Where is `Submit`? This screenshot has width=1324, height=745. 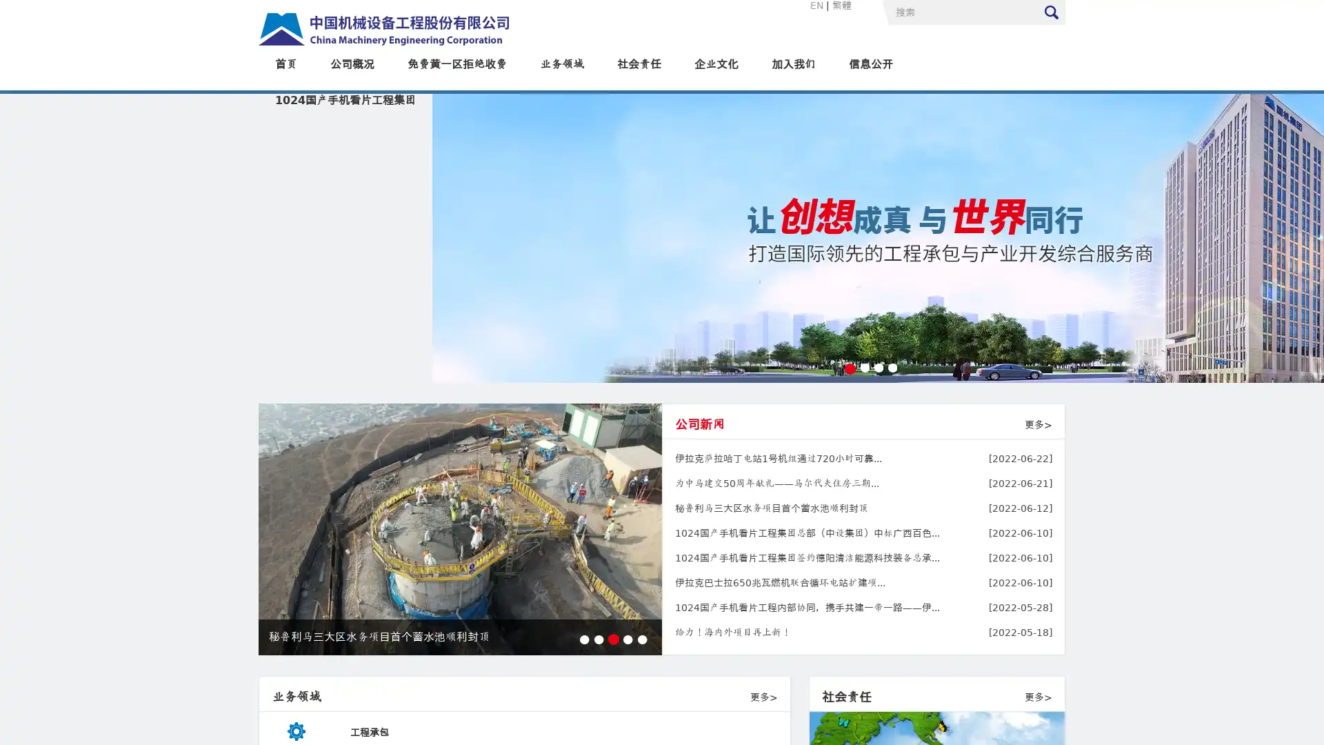 Submit is located at coordinates (1051, 12).